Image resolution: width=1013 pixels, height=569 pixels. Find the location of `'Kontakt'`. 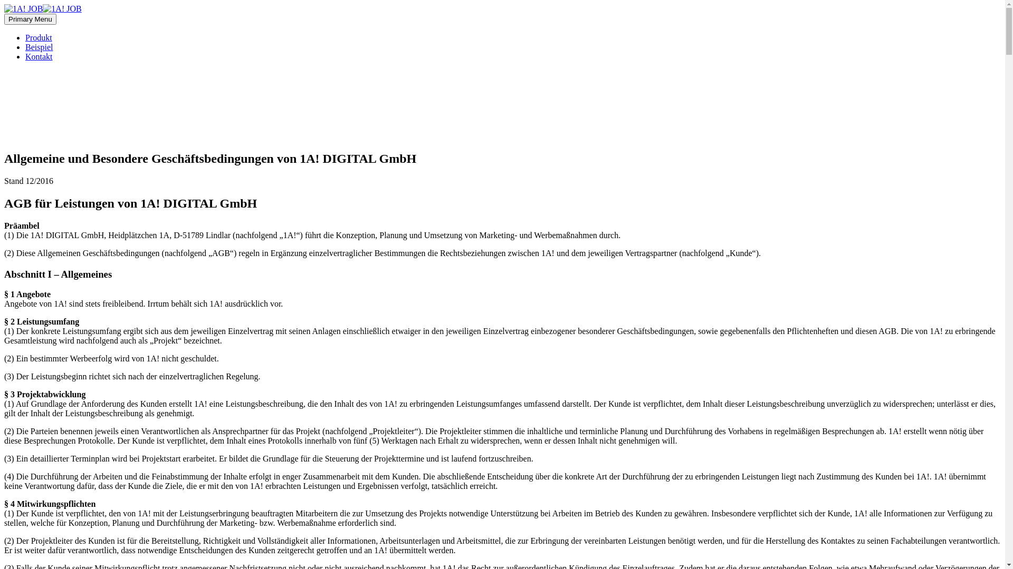

'Kontakt' is located at coordinates (39, 56).